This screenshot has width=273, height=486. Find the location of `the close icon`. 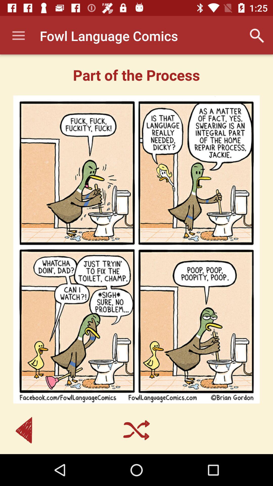

the close icon is located at coordinates (136, 430).